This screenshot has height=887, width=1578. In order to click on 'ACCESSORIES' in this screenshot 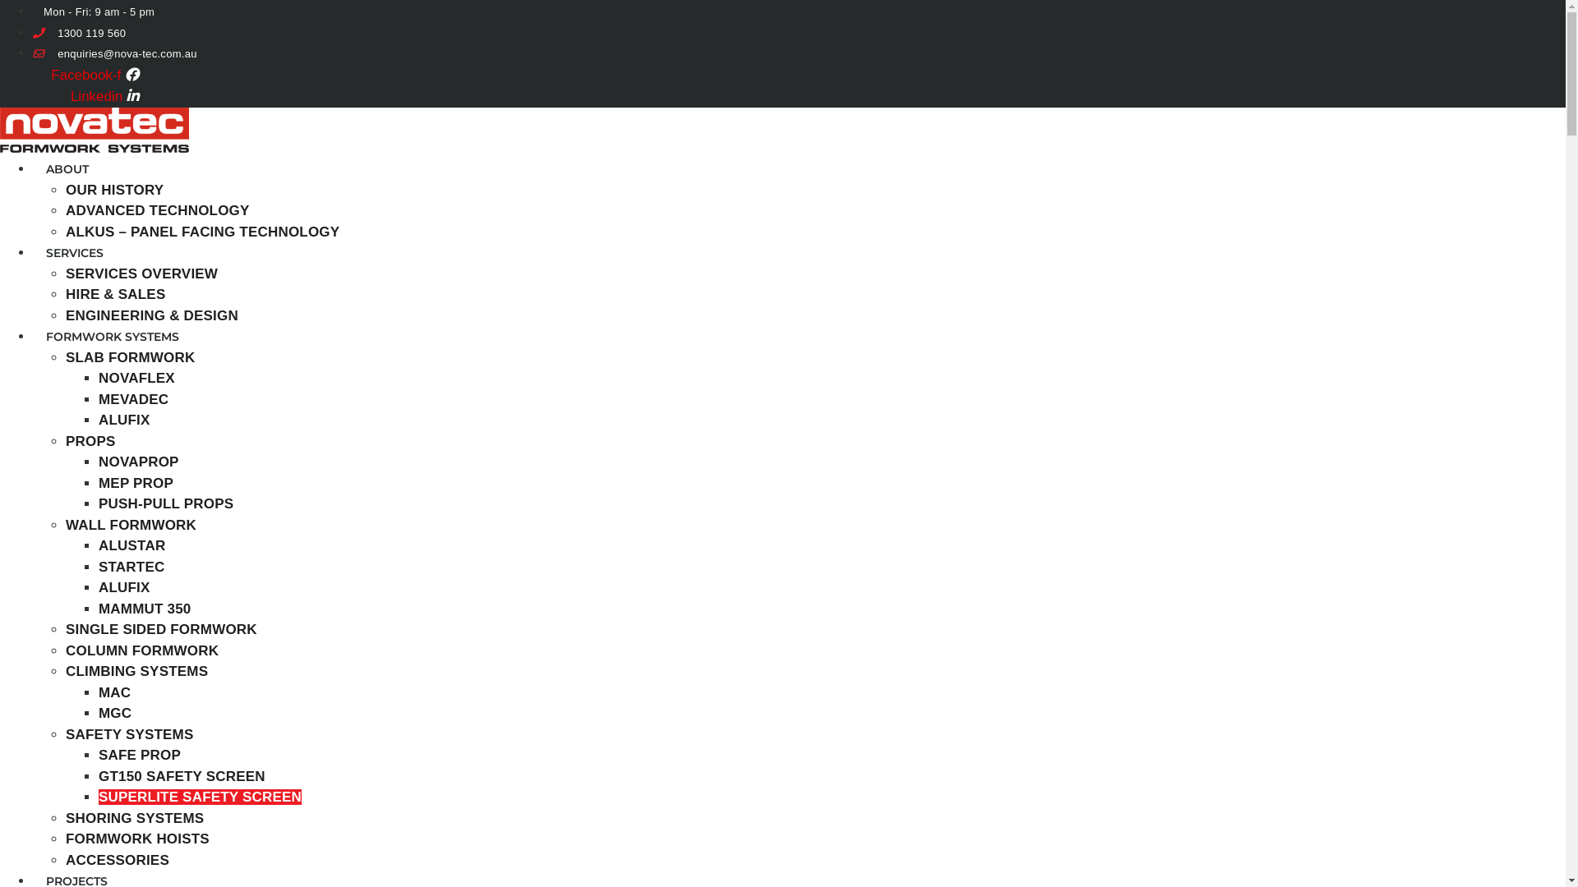, I will do `click(117, 859)`.